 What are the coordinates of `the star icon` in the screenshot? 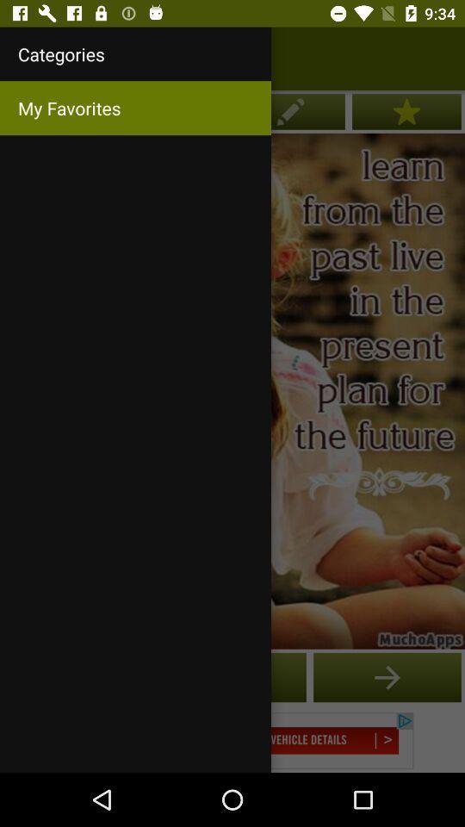 It's located at (406, 110).